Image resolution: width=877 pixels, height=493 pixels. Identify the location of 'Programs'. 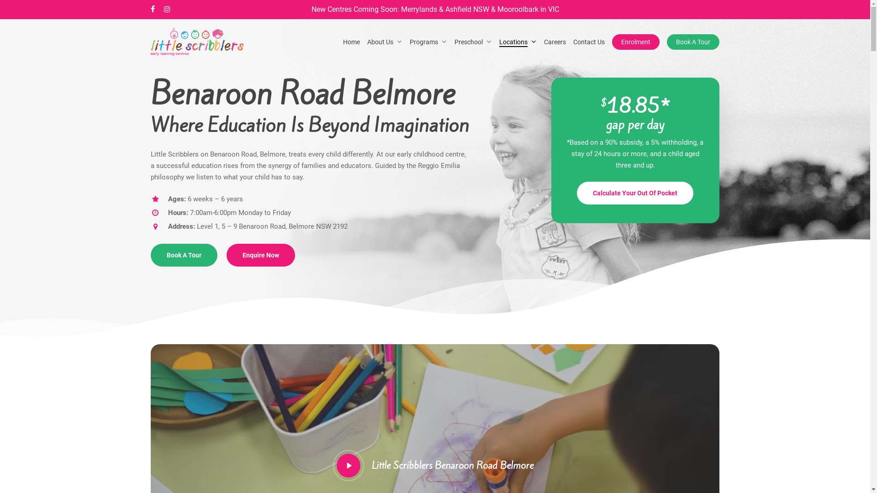
(428, 42).